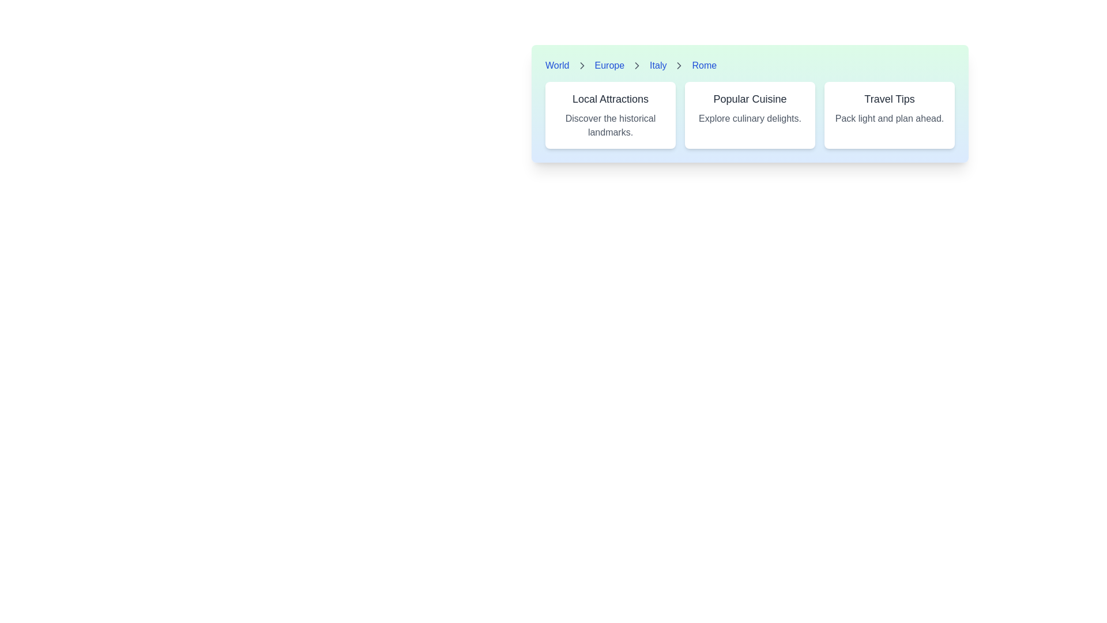  Describe the element at coordinates (703, 66) in the screenshot. I see `the hyperlinked text 'Rome' in the breadcrumb navigation` at that location.